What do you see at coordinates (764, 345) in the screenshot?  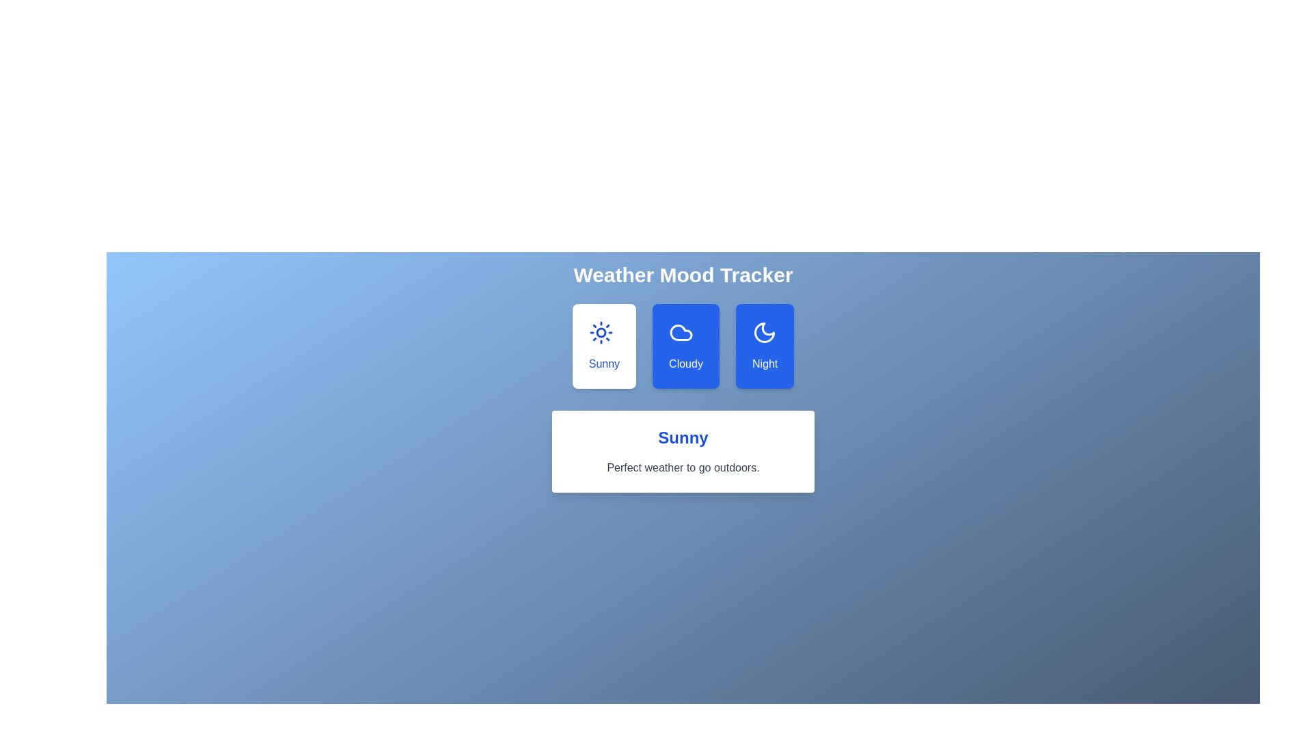 I see `the weather option Night to activate it` at bounding box center [764, 345].